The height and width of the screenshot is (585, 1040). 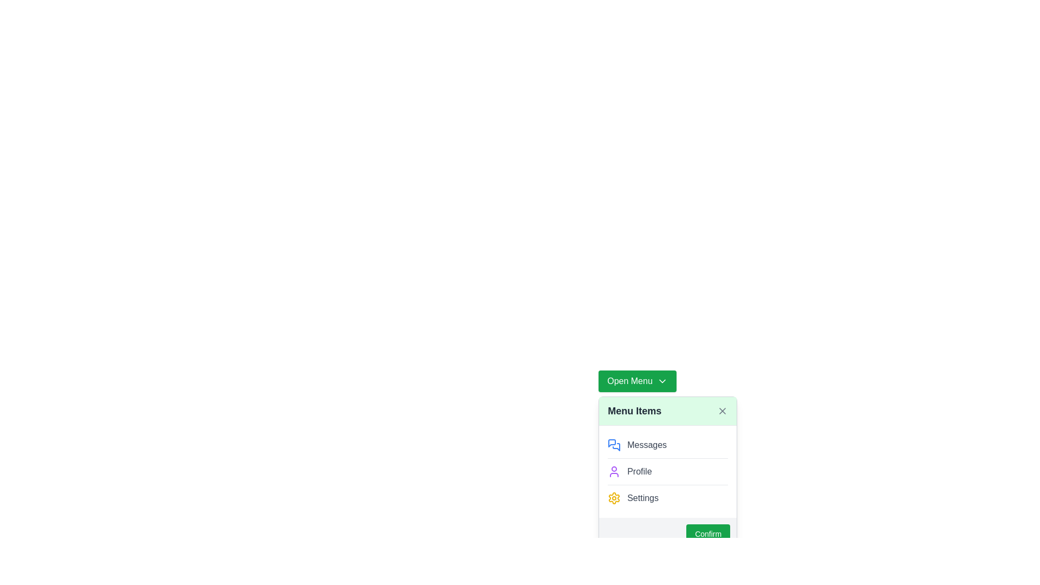 What do you see at coordinates (614, 498) in the screenshot?
I see `the settings gear icon located beside the textual label 'Settings'` at bounding box center [614, 498].